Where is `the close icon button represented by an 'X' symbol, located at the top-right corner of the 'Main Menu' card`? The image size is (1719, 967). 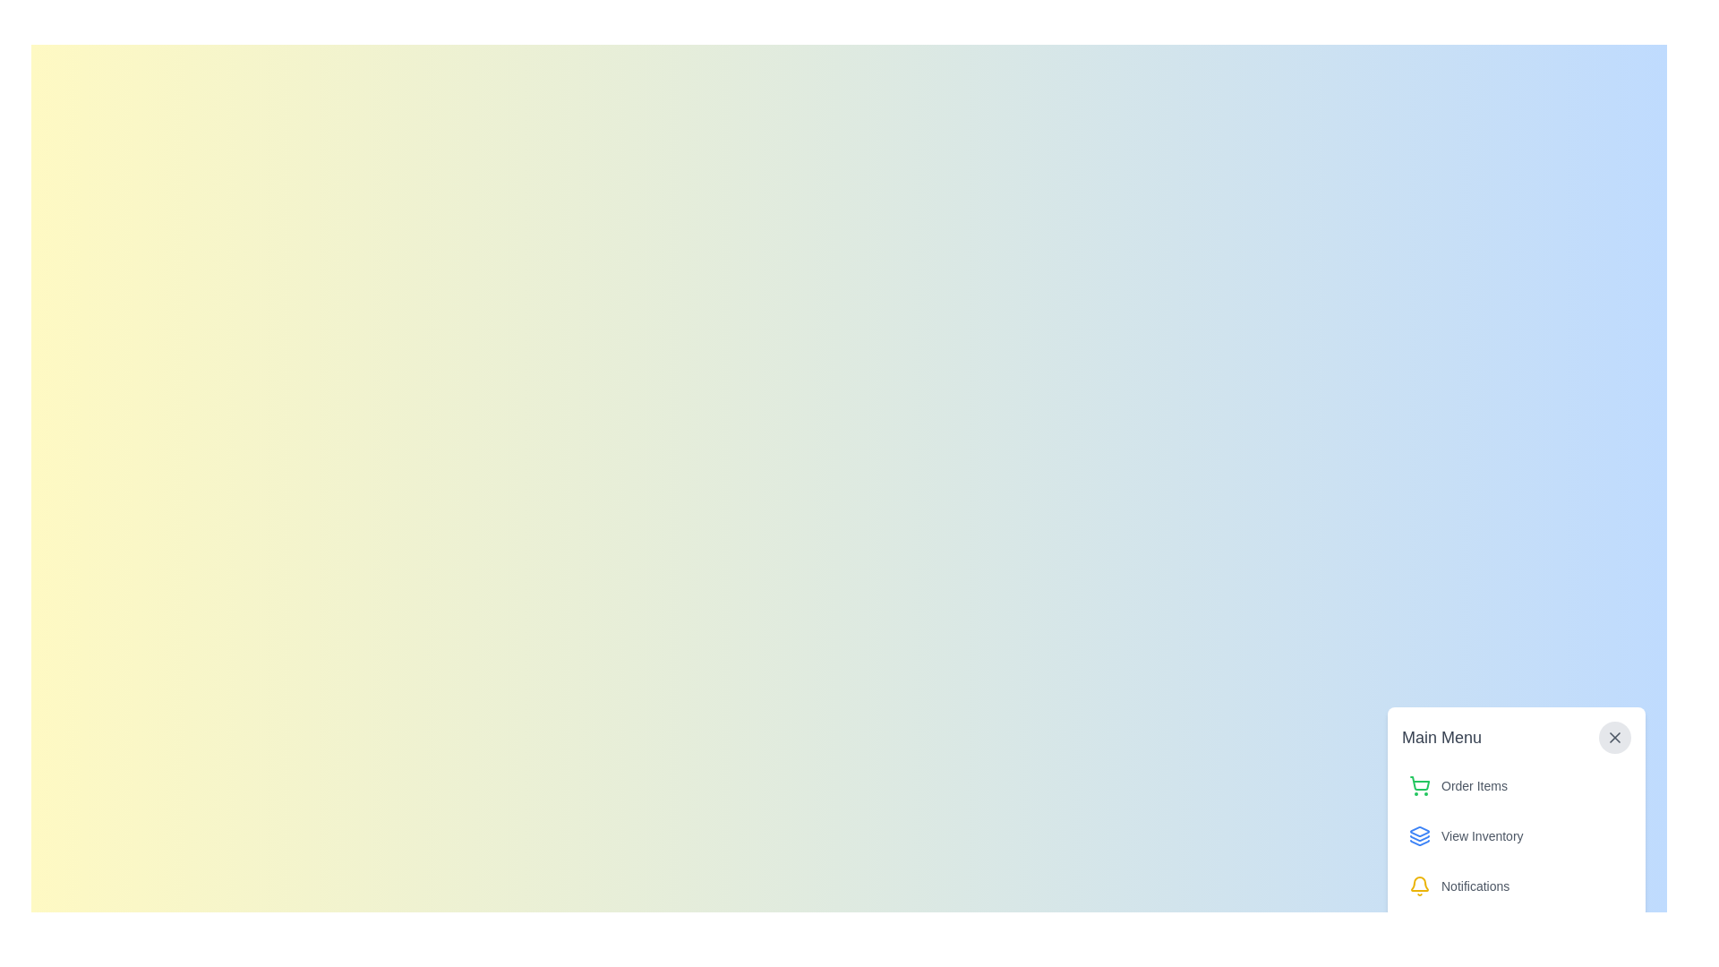
the close icon button represented by an 'X' symbol, located at the top-right corner of the 'Main Menu' card is located at coordinates (1615, 738).